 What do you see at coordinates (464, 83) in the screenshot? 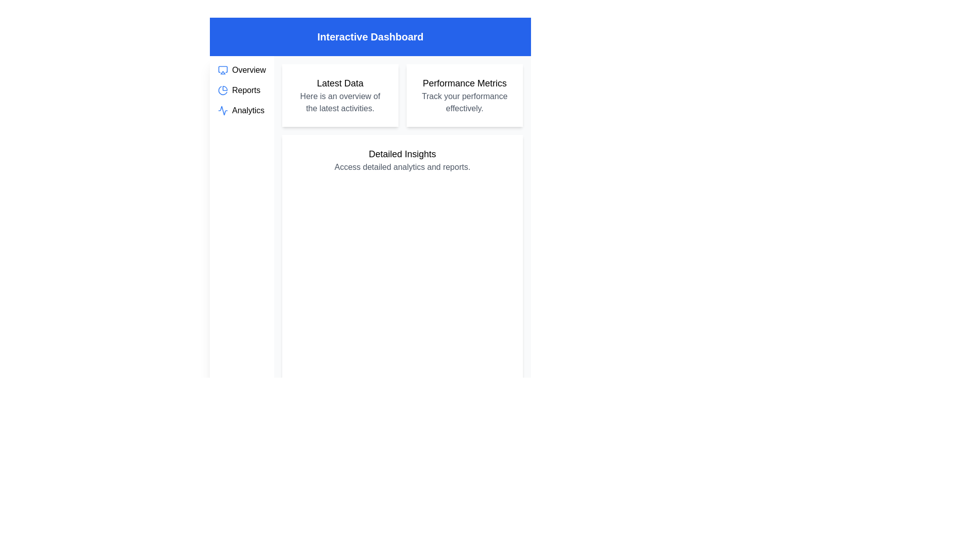
I see `the 'Performance Metrics' text header, which is styled with a bold and larger font size, located at the top of the second card on the rightmost side of the layout` at bounding box center [464, 83].